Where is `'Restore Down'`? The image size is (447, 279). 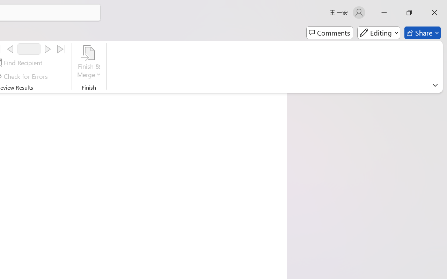
'Restore Down' is located at coordinates (409, 12).